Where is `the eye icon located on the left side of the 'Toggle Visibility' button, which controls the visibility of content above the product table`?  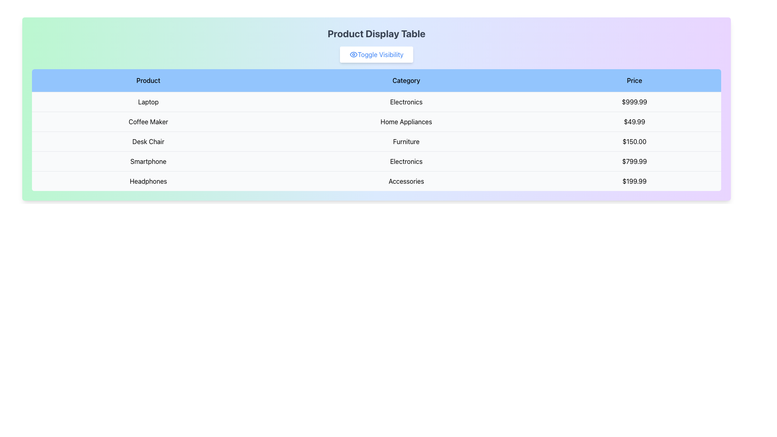 the eye icon located on the left side of the 'Toggle Visibility' button, which controls the visibility of content above the product table is located at coordinates (353, 55).